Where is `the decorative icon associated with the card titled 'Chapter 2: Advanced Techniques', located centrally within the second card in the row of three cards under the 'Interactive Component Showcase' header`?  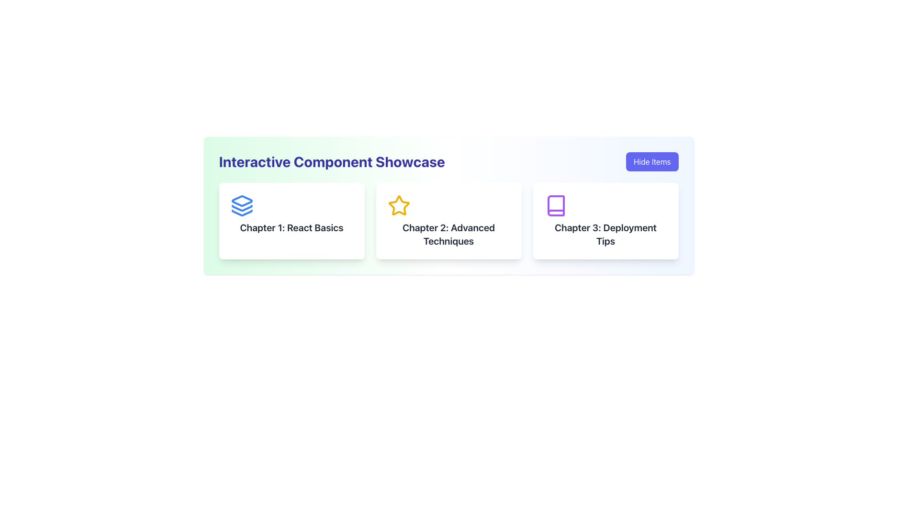
the decorative icon associated with the card titled 'Chapter 2: Advanced Techniques', located centrally within the second card in the row of three cards under the 'Interactive Component Showcase' header is located at coordinates (399, 205).